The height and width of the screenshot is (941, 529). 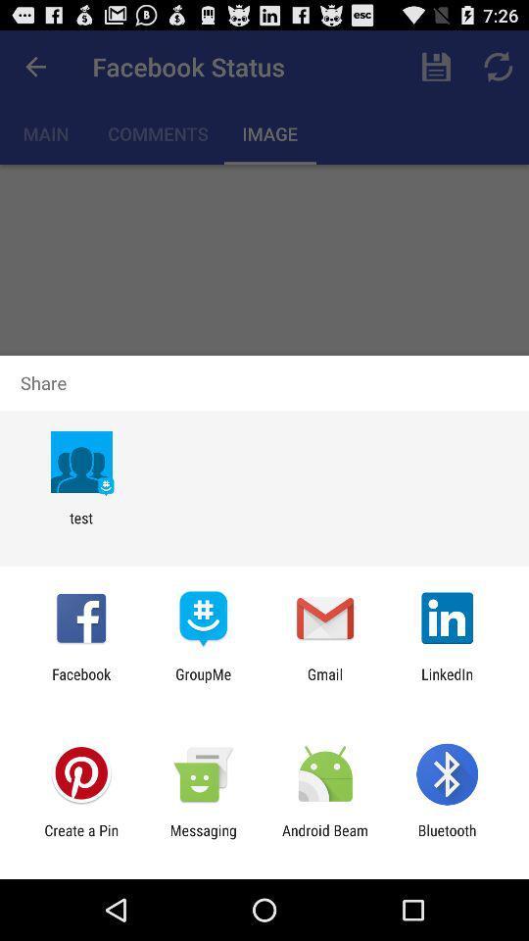 I want to click on app to the left of android beam app, so click(x=202, y=838).